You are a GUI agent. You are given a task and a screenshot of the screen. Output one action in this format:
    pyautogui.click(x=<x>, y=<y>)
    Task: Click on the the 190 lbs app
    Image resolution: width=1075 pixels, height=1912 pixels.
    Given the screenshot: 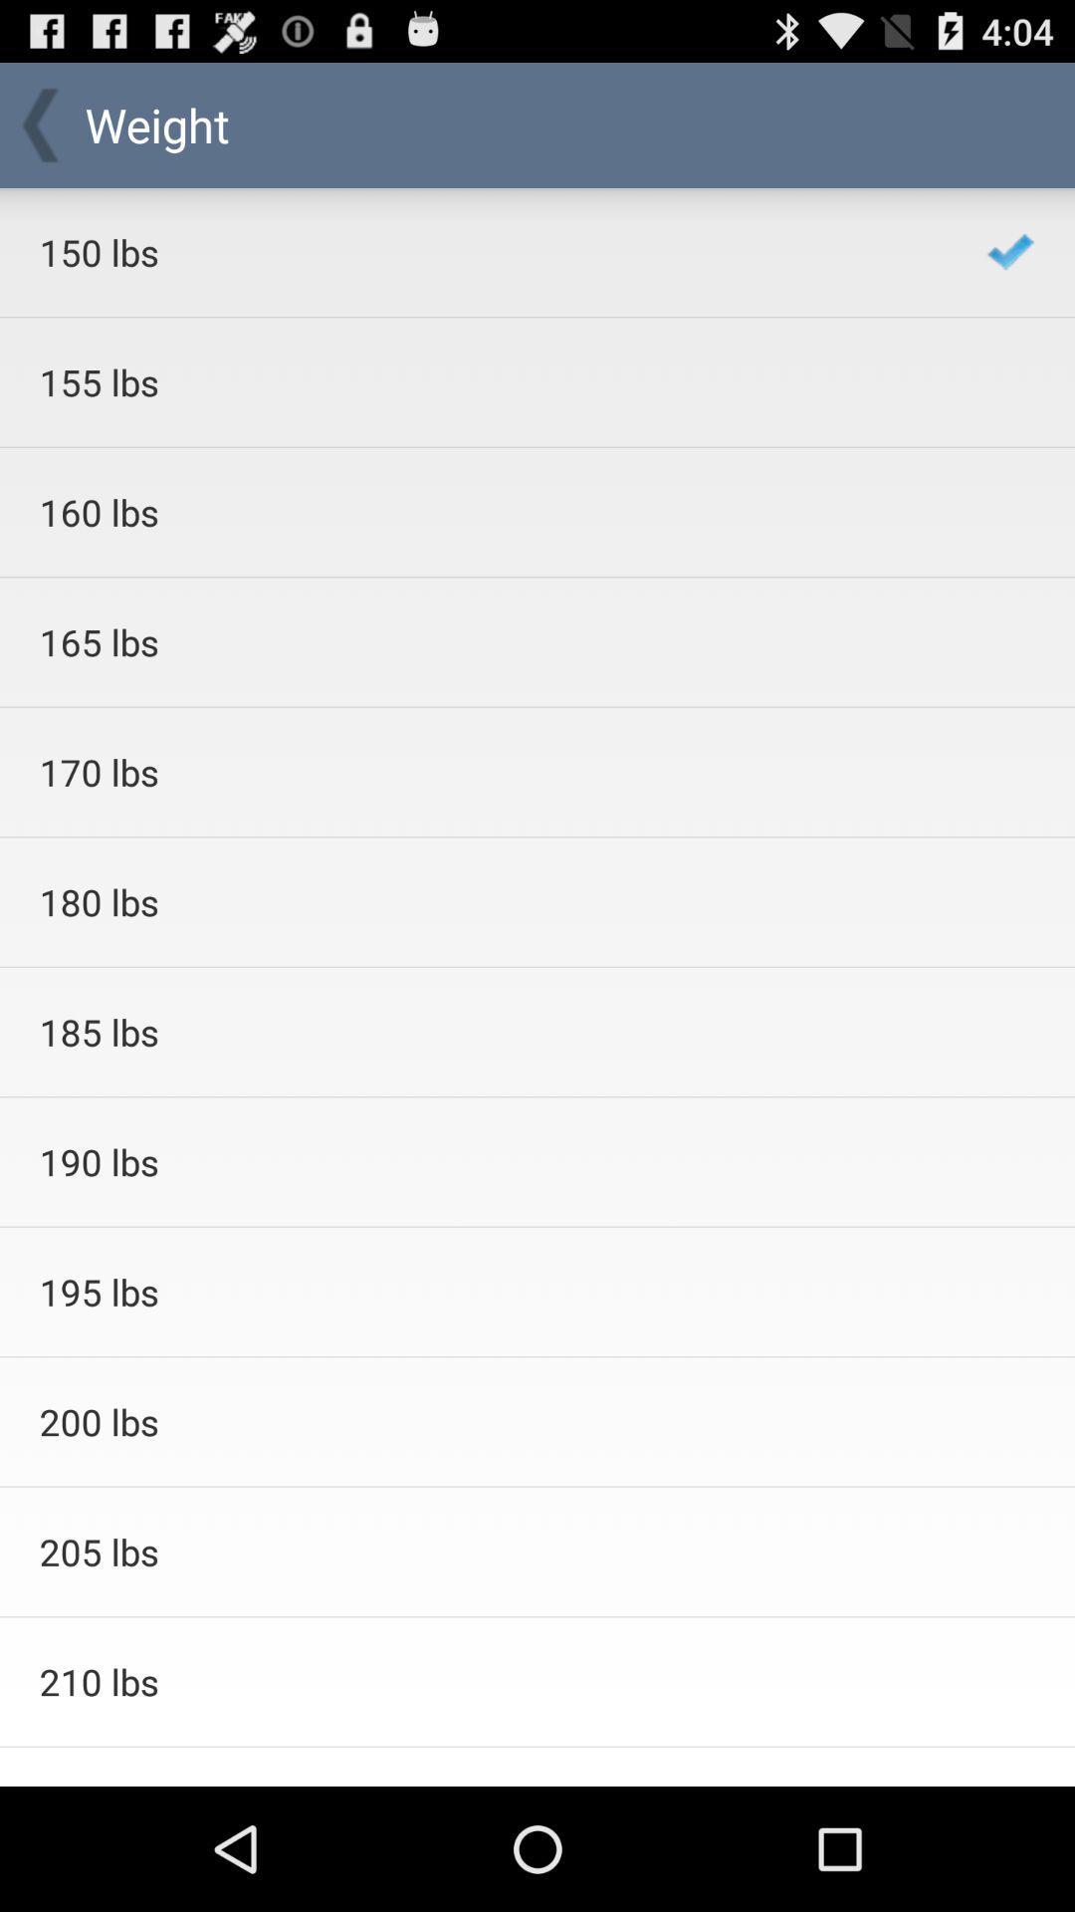 What is the action you would take?
    pyautogui.click(x=487, y=1161)
    